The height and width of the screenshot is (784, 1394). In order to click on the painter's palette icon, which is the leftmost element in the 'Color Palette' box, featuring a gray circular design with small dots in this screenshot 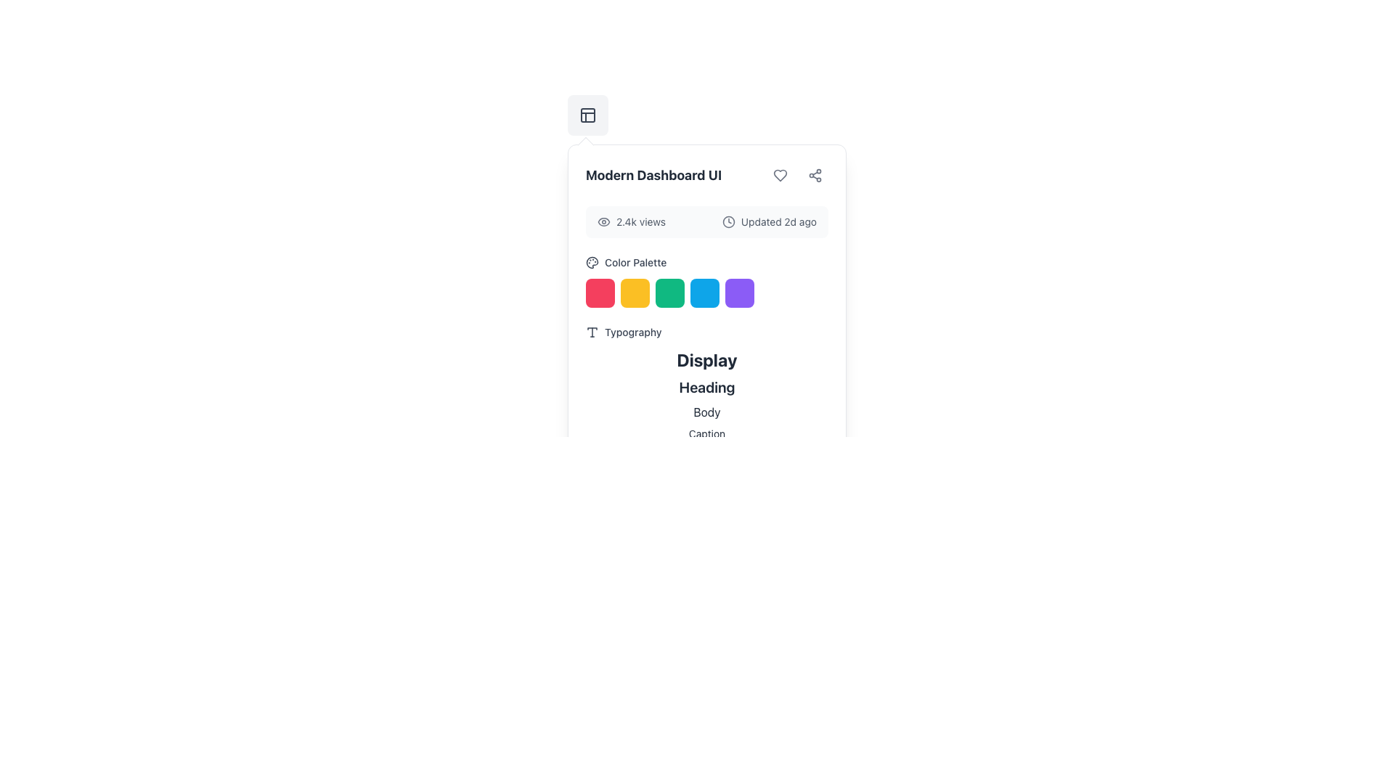, I will do `click(592, 263)`.